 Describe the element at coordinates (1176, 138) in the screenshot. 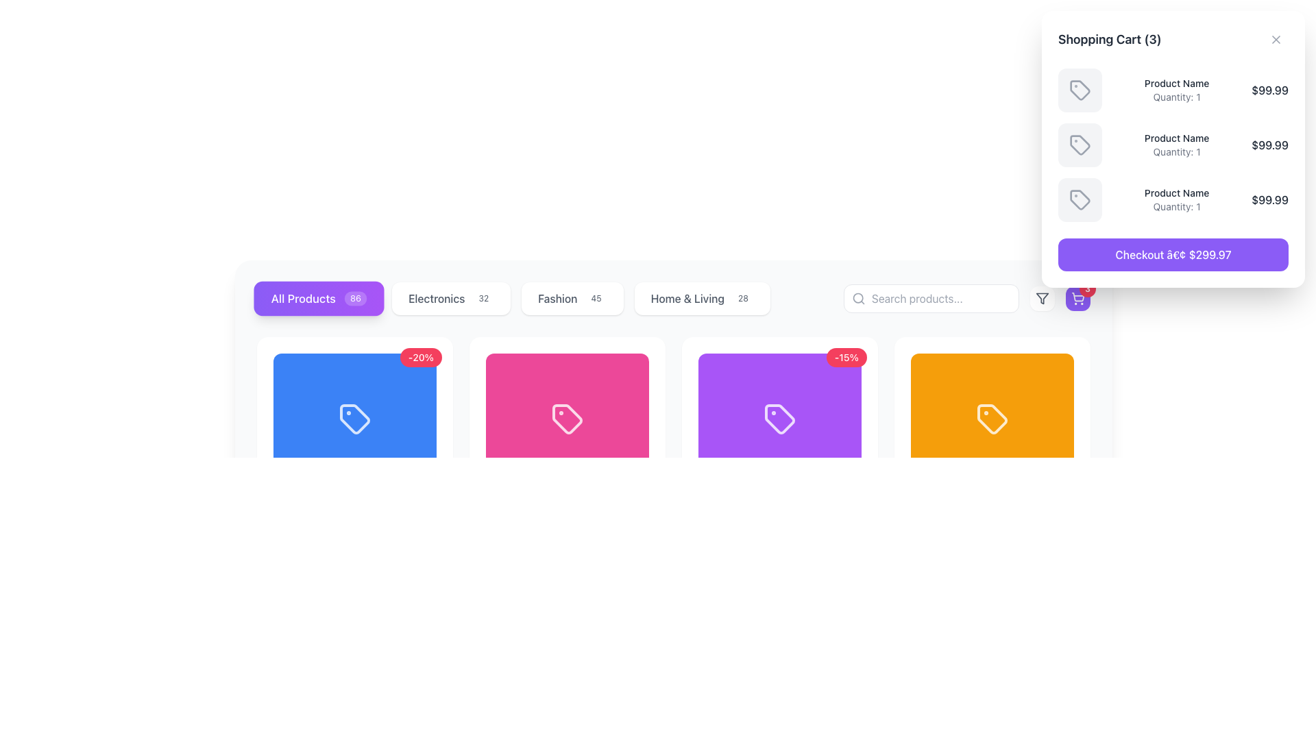

I see `text 'Product Name' from the text label located at the top center of the shopping cart panel, under the product icon and above the quantity text` at that location.